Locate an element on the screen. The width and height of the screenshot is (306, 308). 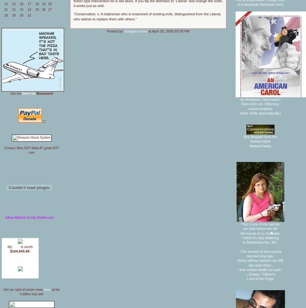
'Contact:
Miss  DOT  Attila  AT  gmail  DOT  com' is located at coordinates (31, 150).